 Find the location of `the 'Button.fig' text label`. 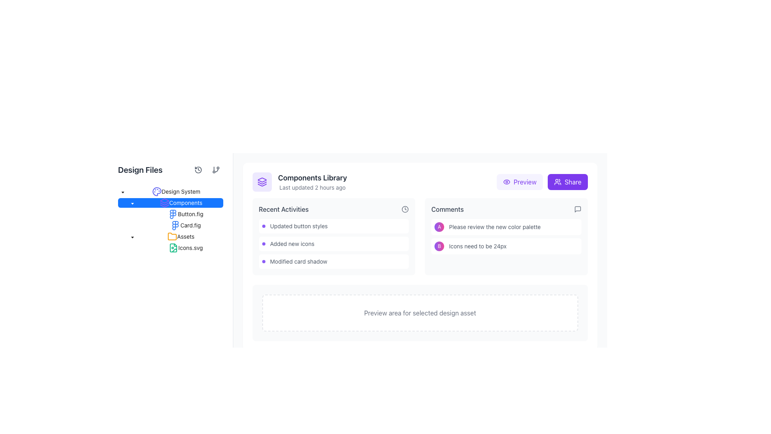

the 'Button.fig' text label is located at coordinates (190, 213).